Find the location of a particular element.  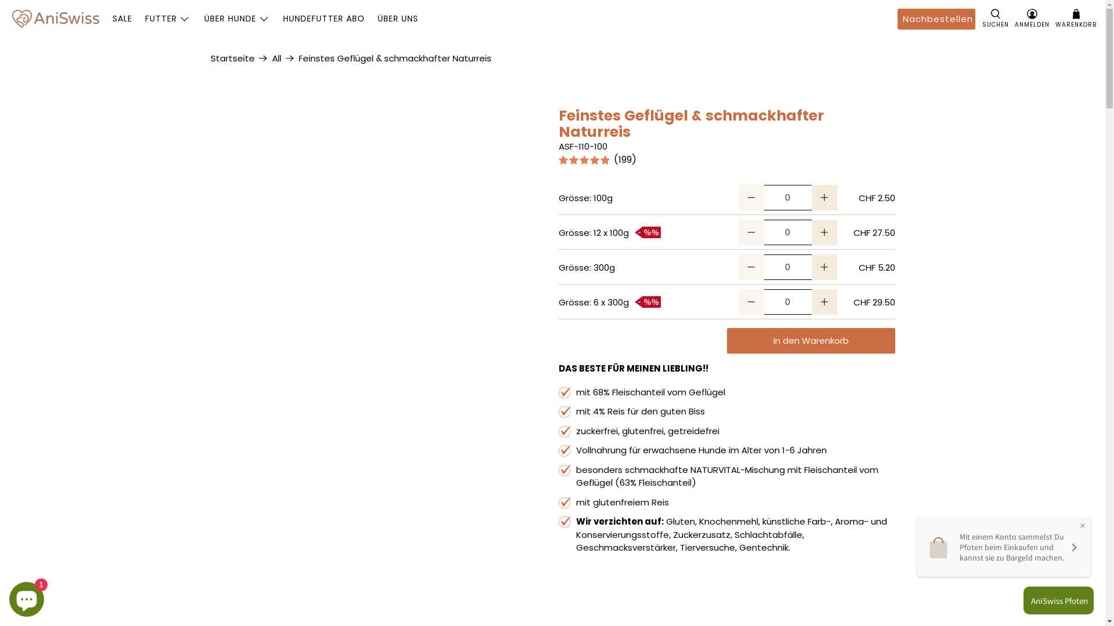

'In den Warenkorb' is located at coordinates (809, 340).